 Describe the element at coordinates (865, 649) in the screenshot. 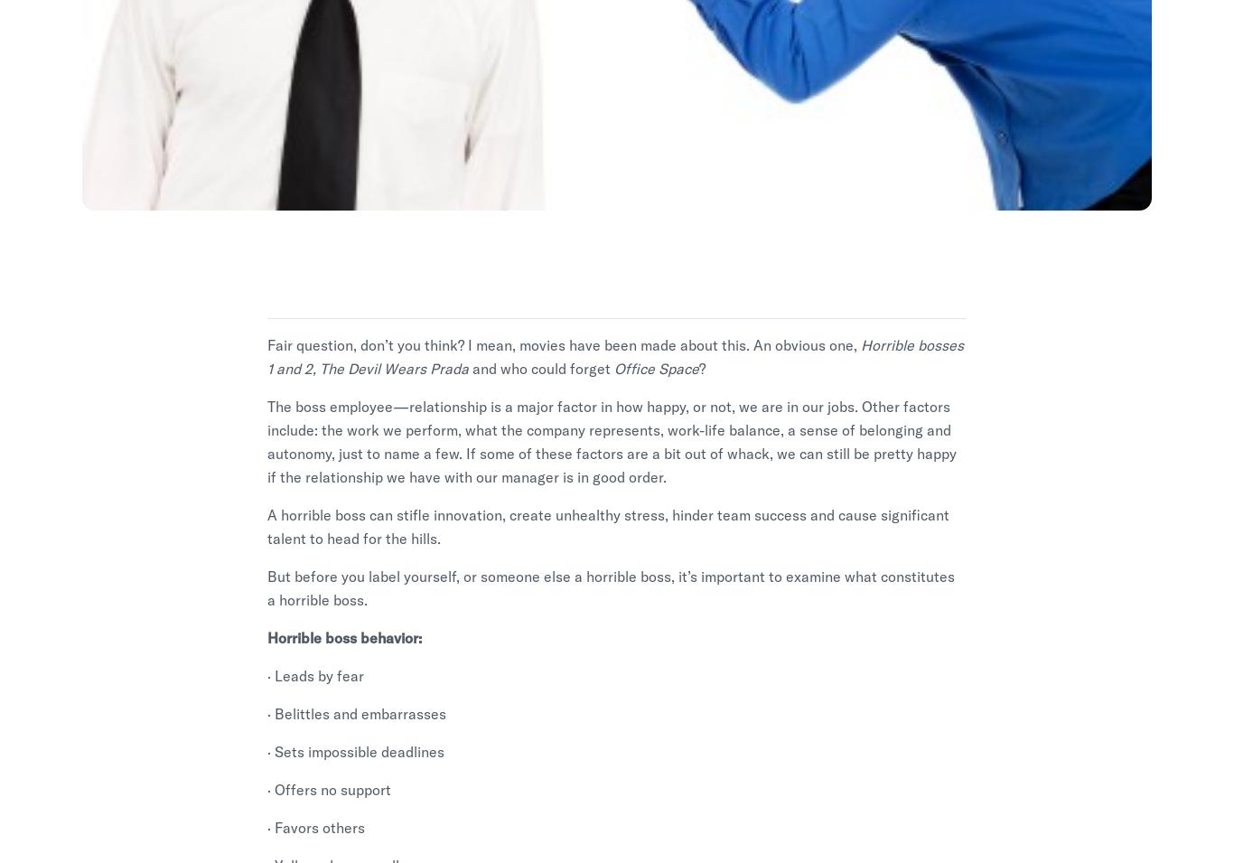

I see `'Code of Ethics'` at that location.